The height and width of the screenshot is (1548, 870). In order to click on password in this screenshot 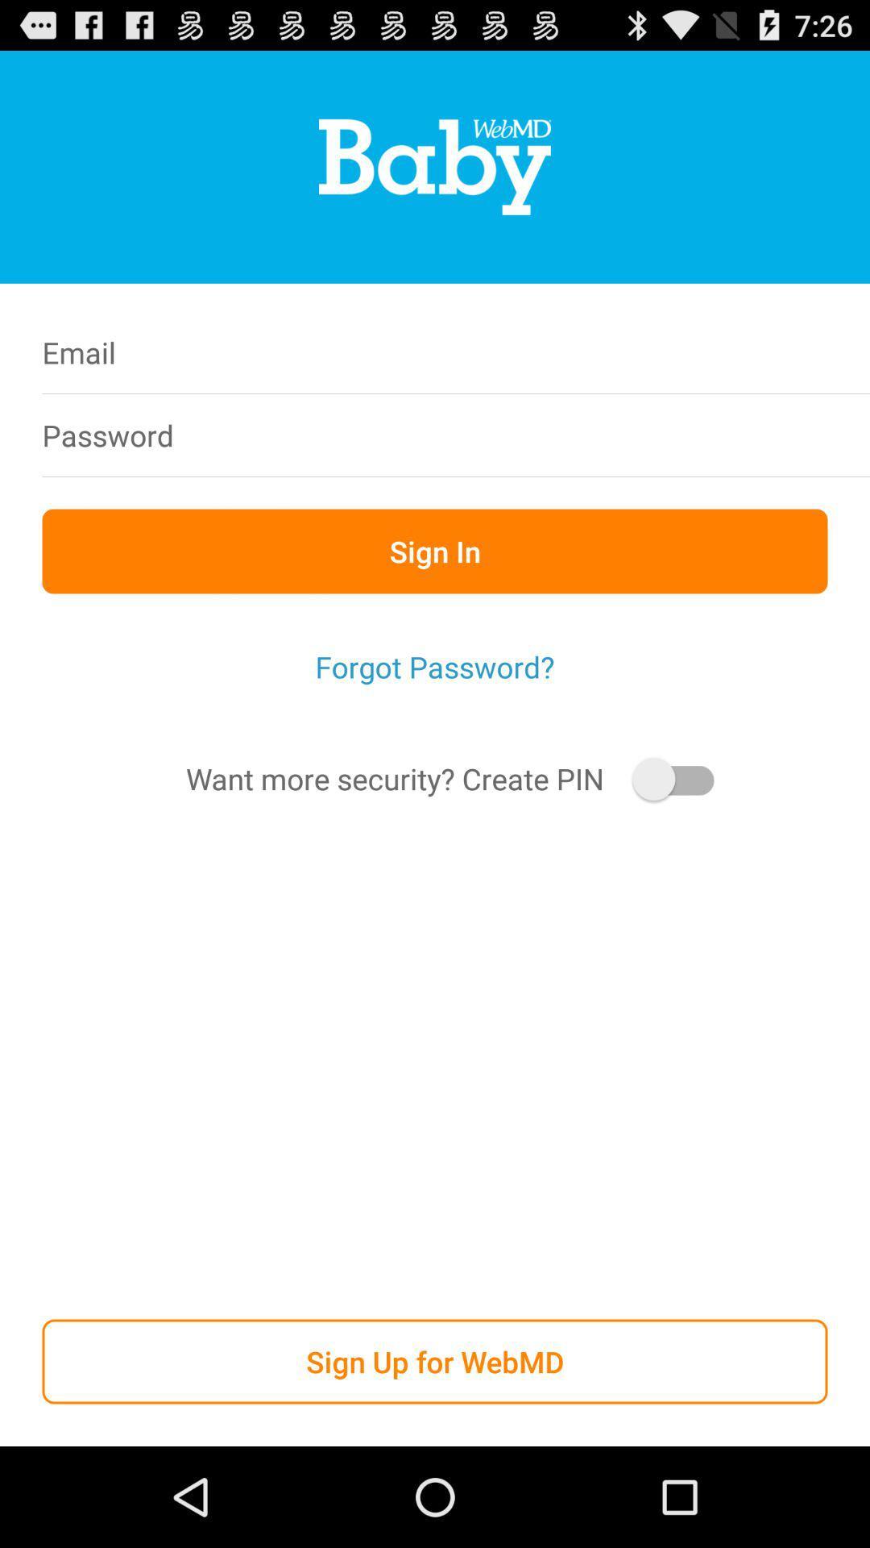, I will do `click(538, 435)`.